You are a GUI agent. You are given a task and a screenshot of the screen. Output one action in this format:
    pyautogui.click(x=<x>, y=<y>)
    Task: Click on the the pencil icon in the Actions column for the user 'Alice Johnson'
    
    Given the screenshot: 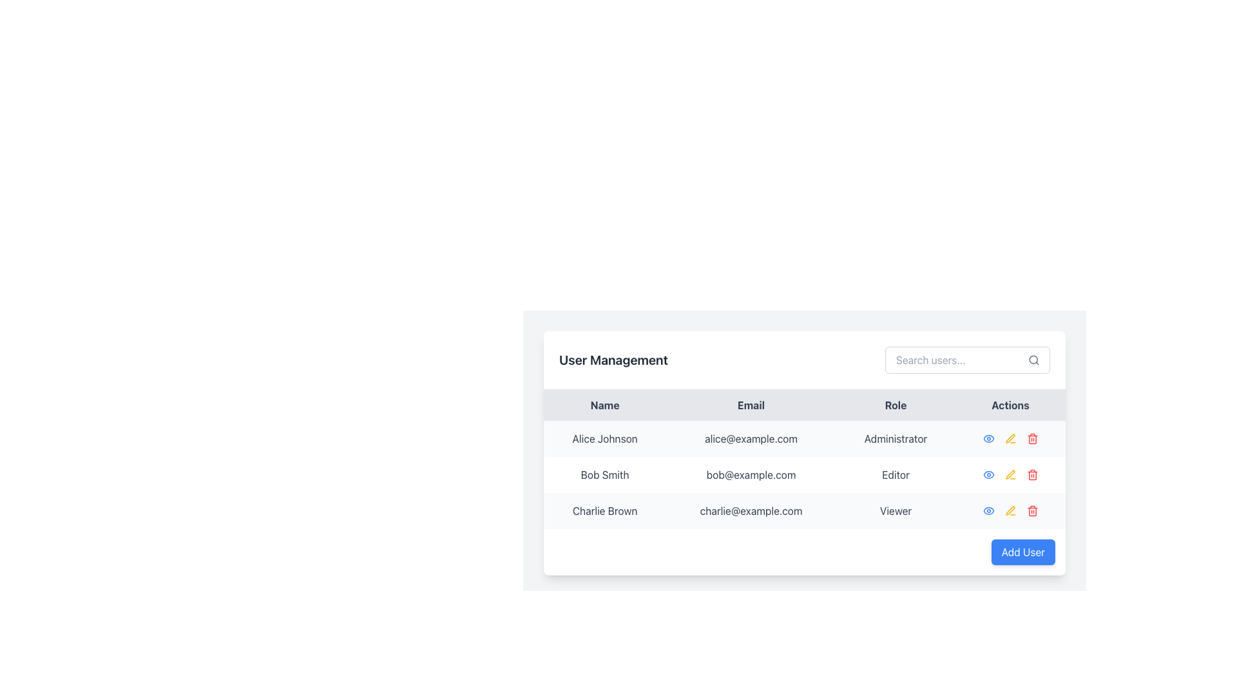 What is the action you would take?
    pyautogui.click(x=1010, y=438)
    